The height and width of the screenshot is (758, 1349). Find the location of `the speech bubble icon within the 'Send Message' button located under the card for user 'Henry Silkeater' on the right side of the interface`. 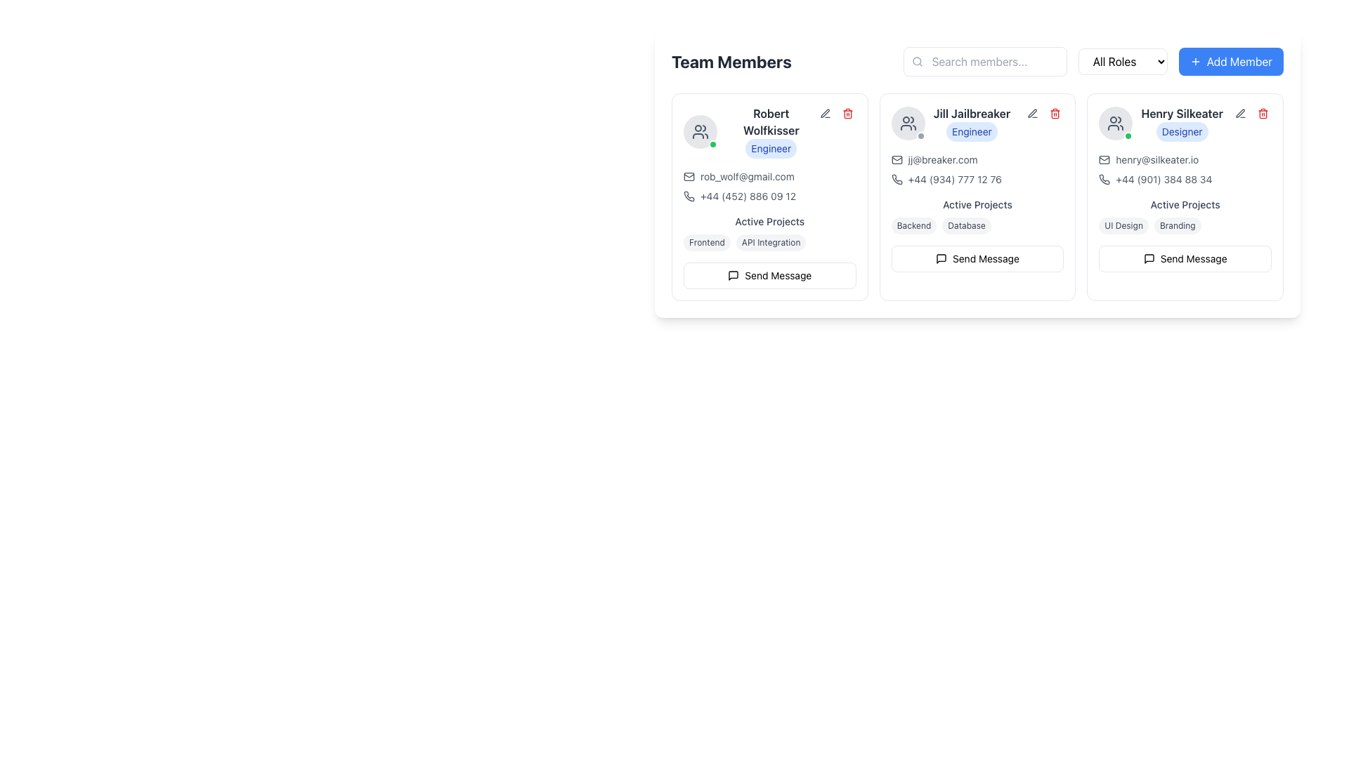

the speech bubble icon within the 'Send Message' button located under the card for user 'Henry Silkeater' on the right side of the interface is located at coordinates (1149, 259).